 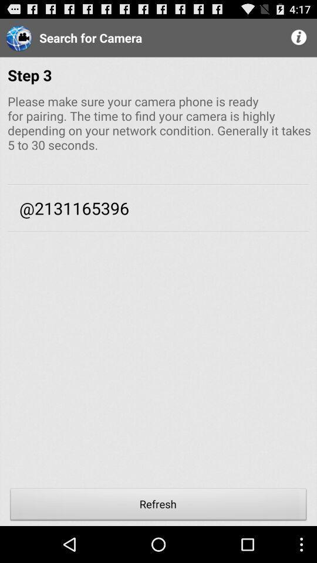 What do you see at coordinates (158, 505) in the screenshot?
I see `refresh item` at bounding box center [158, 505].